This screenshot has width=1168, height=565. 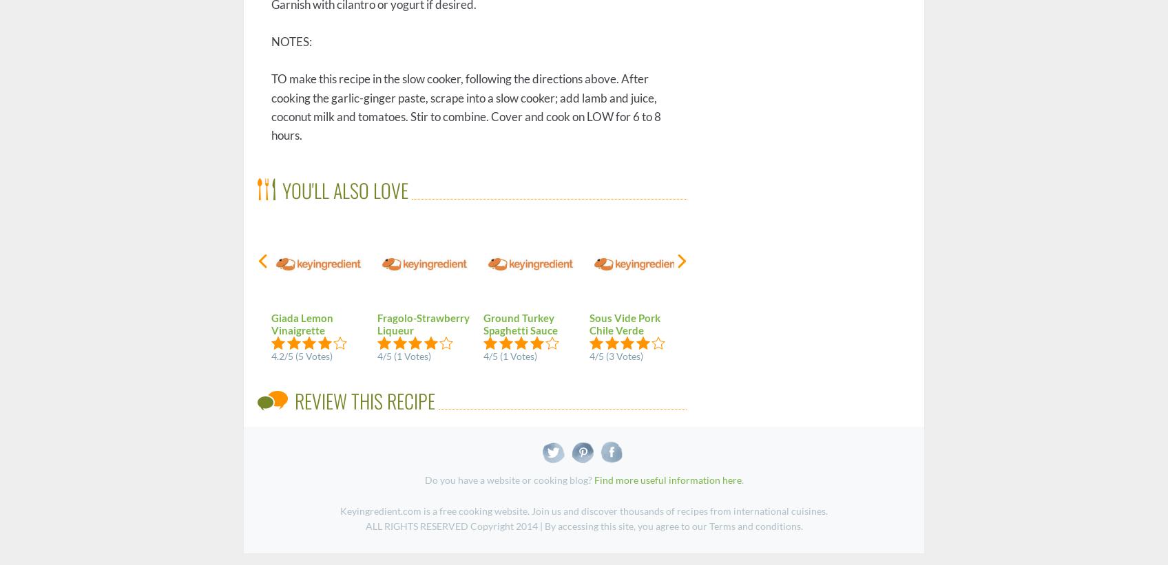 What do you see at coordinates (521, 323) in the screenshot?
I see `'Ground Turkey Spaghetti Sauce'` at bounding box center [521, 323].